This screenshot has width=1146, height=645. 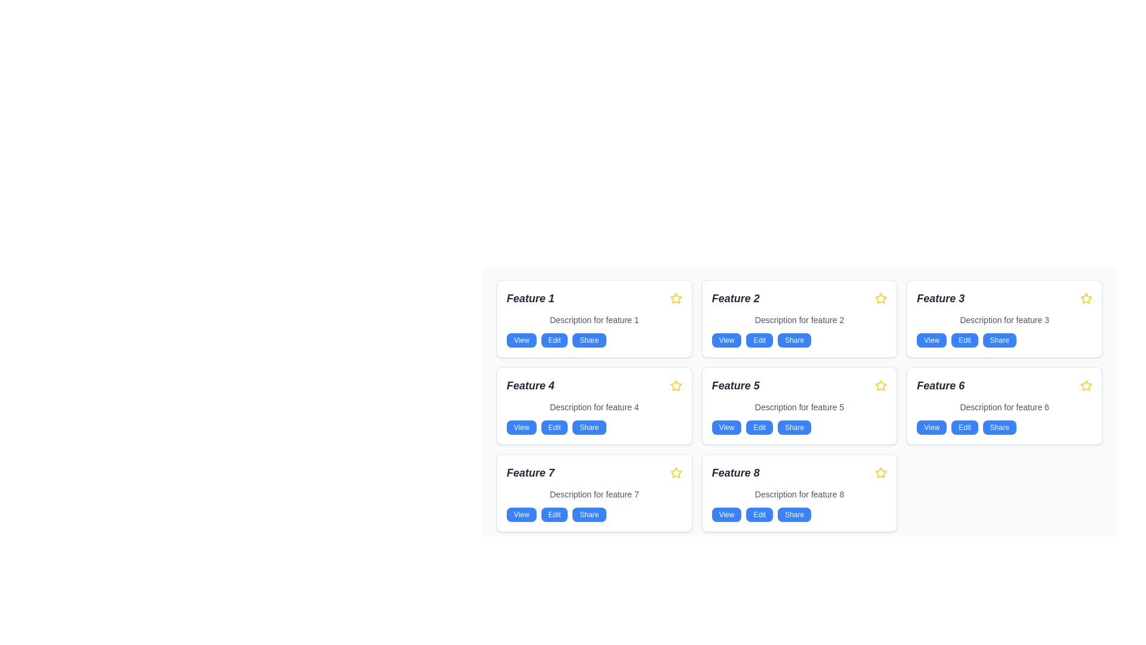 I want to click on the blue rectangular button with rounded corners and white text reading 'View' to initiate a view action for 'Feature 6', so click(x=931, y=427).